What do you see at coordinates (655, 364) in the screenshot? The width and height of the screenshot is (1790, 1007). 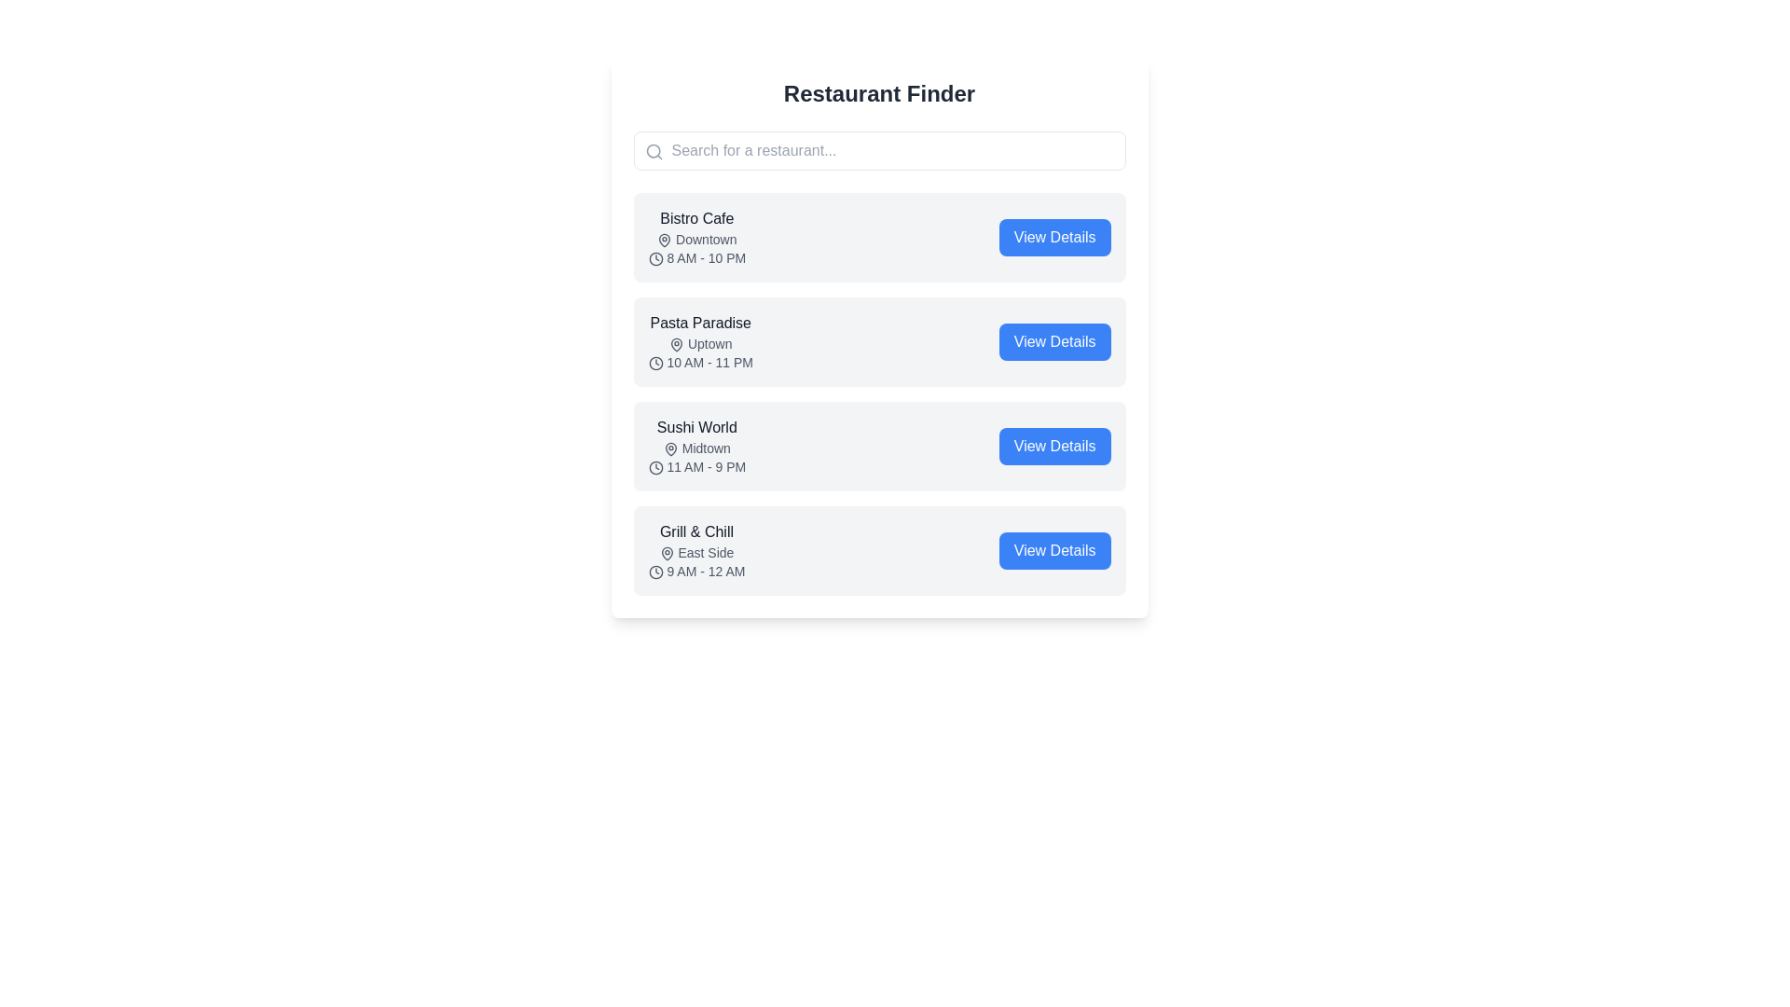 I see `the graphical decoration in the clock icon associated with the 'Pasta Paradise' entry in the restaurant list, located in the second row, which symbolizes time-related information` at bounding box center [655, 364].